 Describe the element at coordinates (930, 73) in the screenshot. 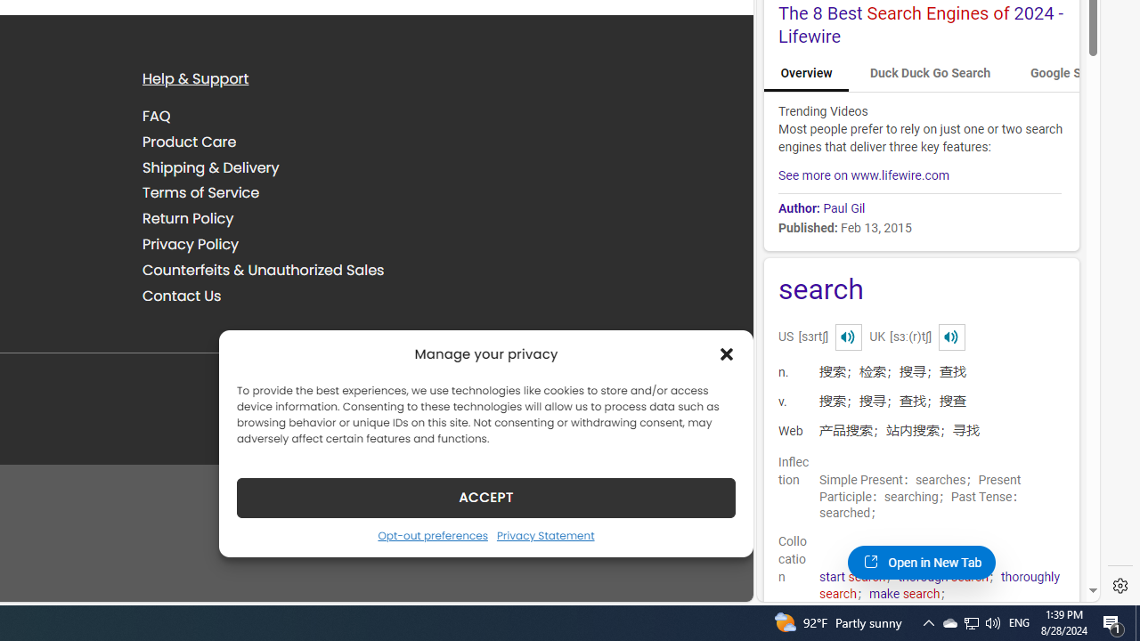

I see `'Duck Duck Go Search'` at that location.